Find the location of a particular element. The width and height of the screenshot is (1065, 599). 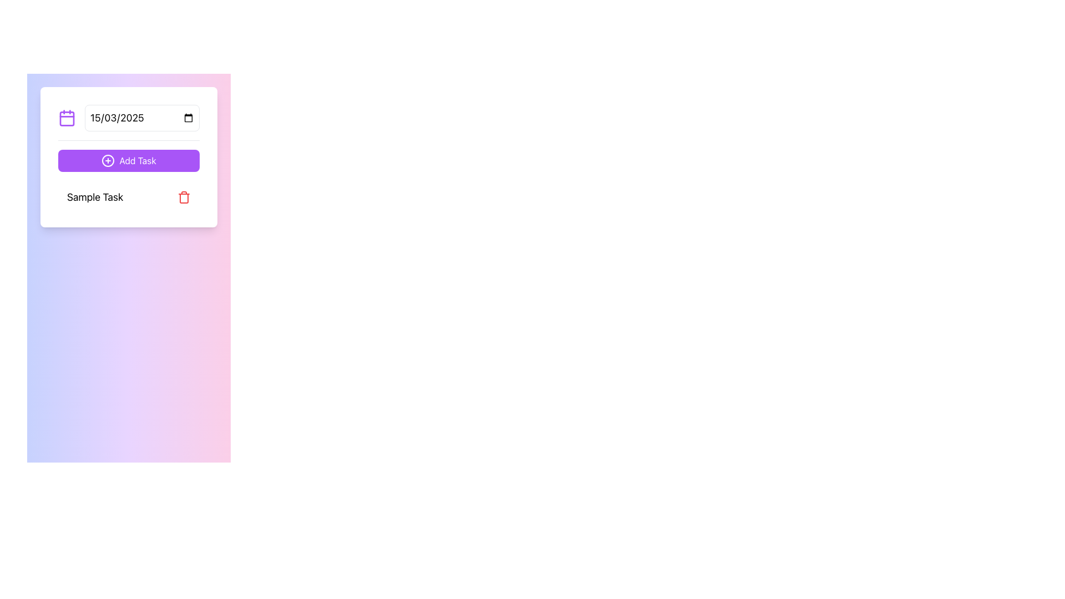

the date input field located at the top of the card is located at coordinates (129, 123).